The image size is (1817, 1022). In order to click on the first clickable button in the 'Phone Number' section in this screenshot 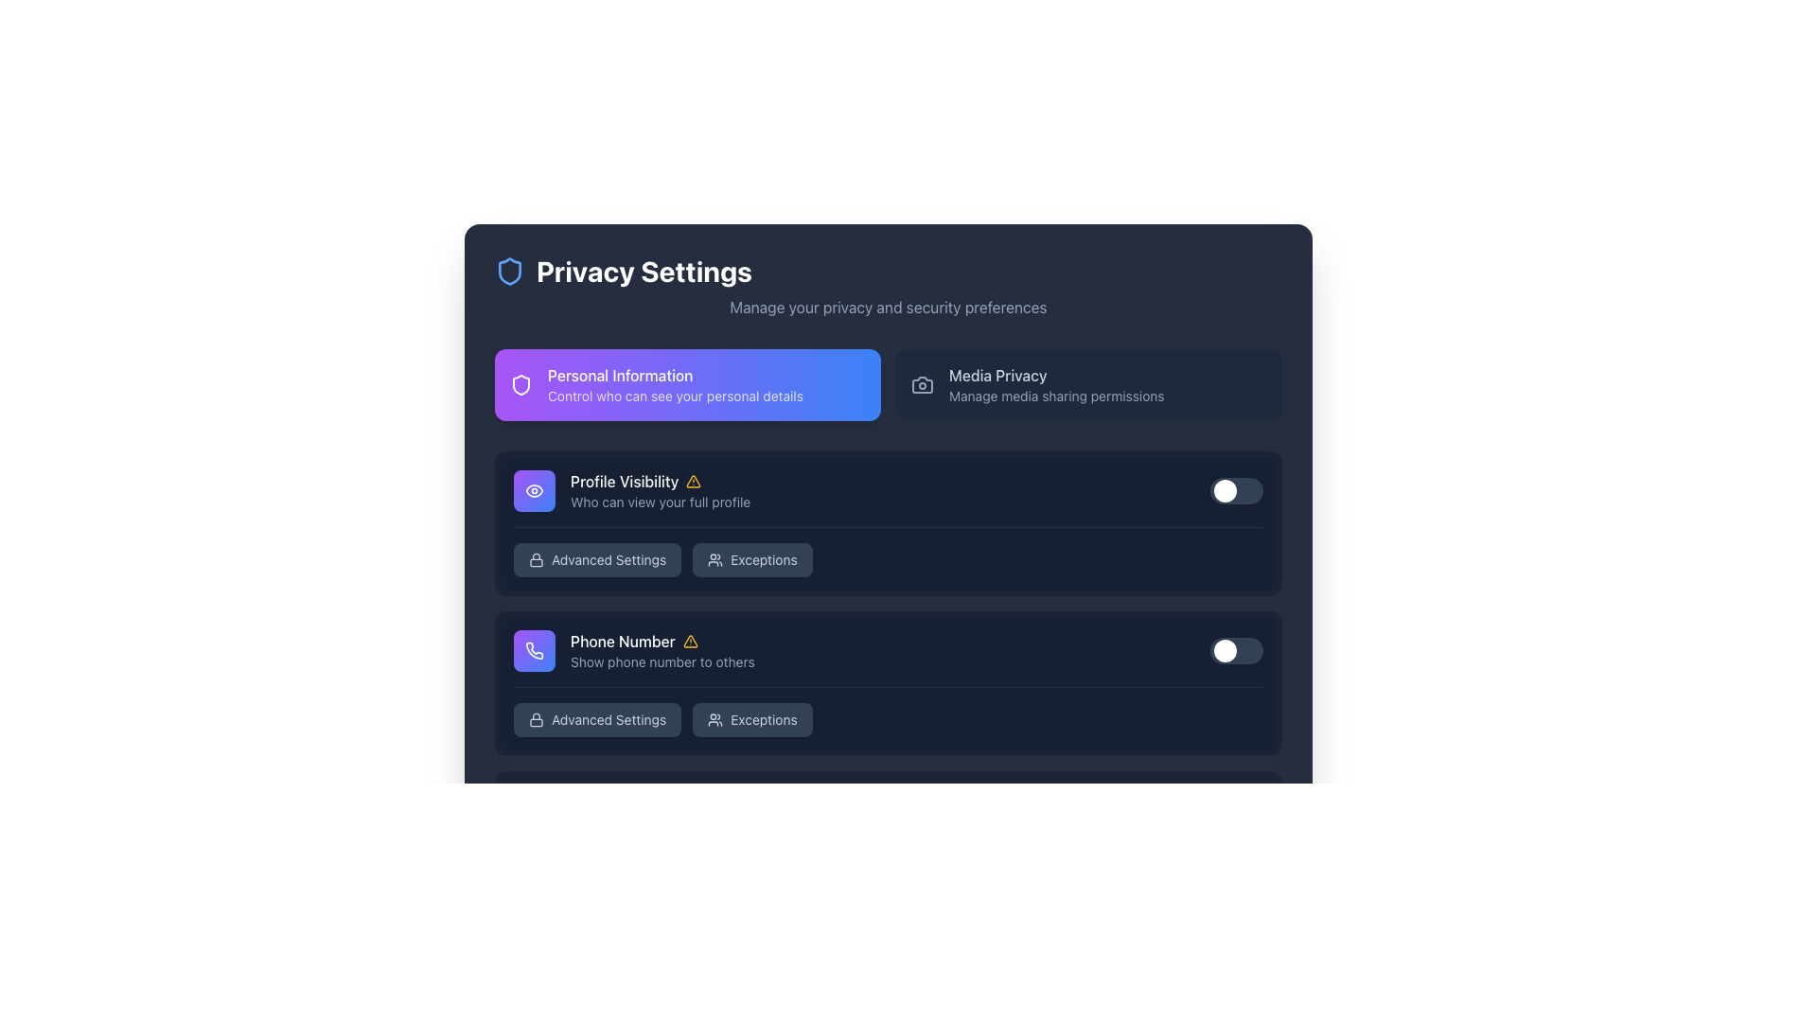, I will do `click(596, 719)`.